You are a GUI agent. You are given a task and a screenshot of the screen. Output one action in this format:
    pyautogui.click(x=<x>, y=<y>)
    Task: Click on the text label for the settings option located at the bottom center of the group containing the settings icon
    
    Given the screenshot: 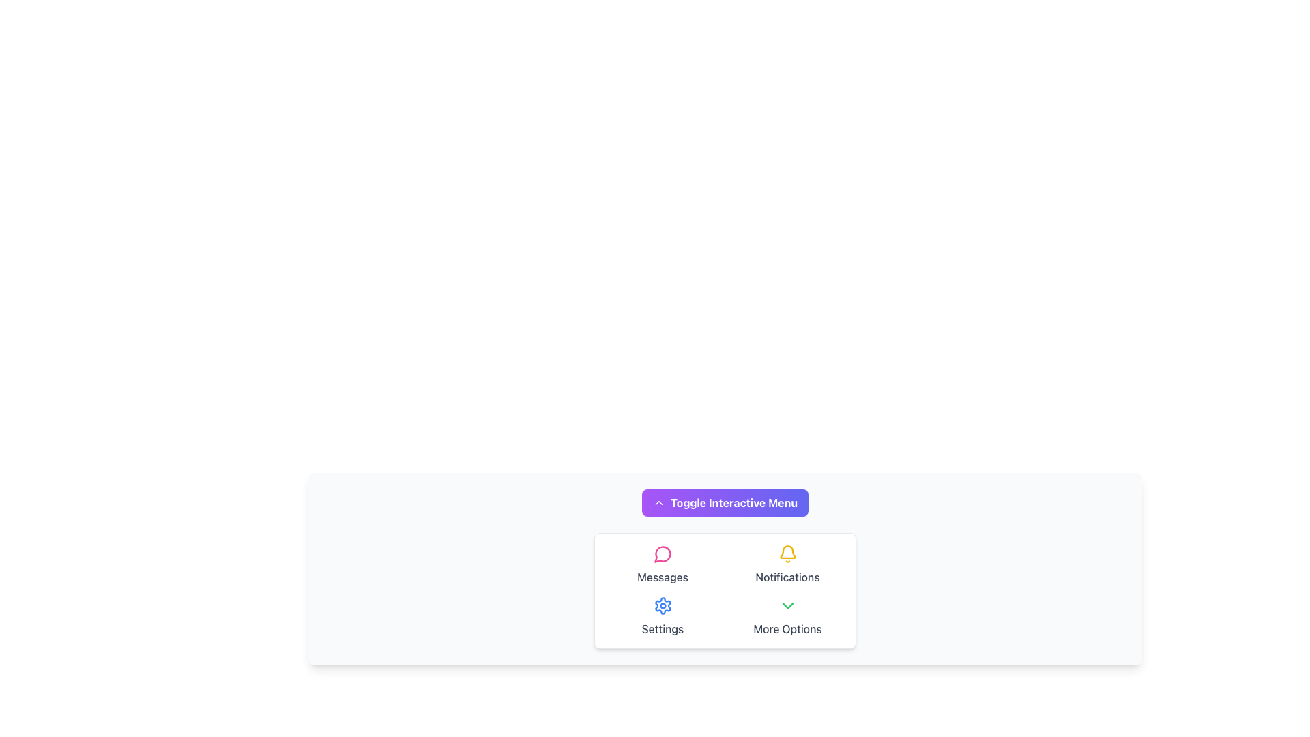 What is the action you would take?
    pyautogui.click(x=663, y=628)
    